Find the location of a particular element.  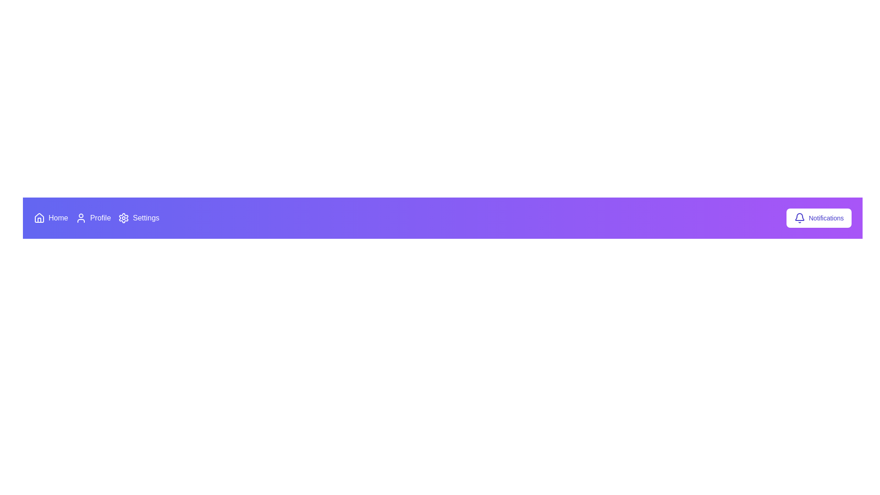

the house-shaped icon in the upper left corner of the navigation bar is located at coordinates (39, 217).